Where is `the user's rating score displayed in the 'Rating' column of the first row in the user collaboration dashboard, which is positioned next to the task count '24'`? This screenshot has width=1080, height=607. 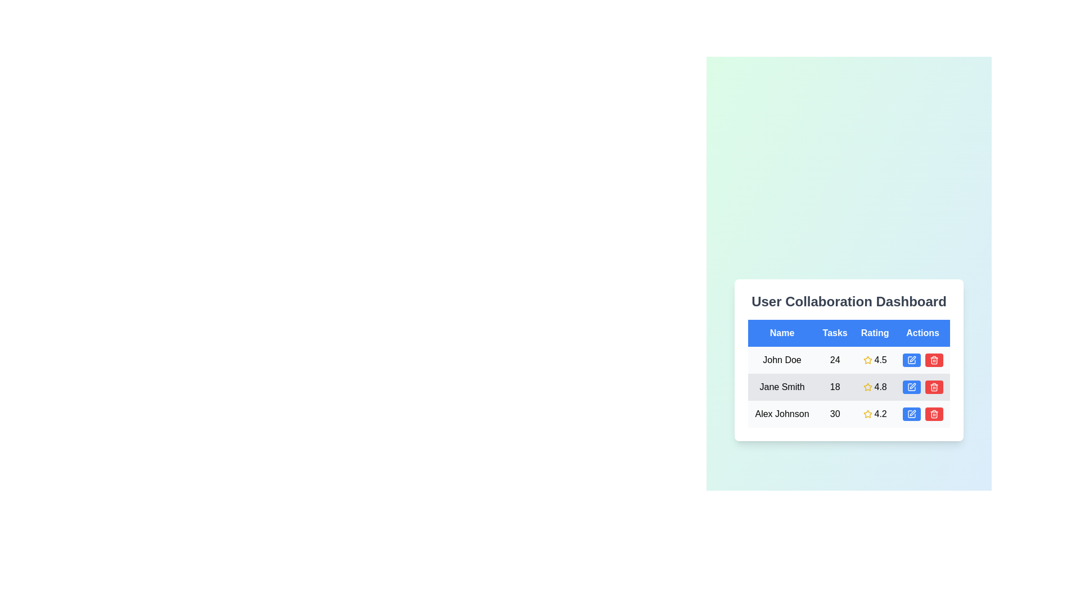 the user's rating score displayed in the 'Rating' column of the first row in the user collaboration dashboard, which is positioned next to the task count '24' is located at coordinates (874, 360).